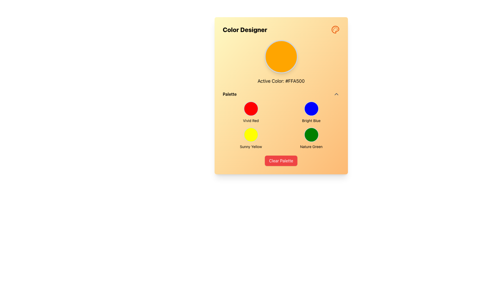 The height and width of the screenshot is (281, 500). What do you see at coordinates (281, 160) in the screenshot?
I see `the 'Clear Color Palette' button located at the bottom-center of the 'Color Designer' panel` at bounding box center [281, 160].